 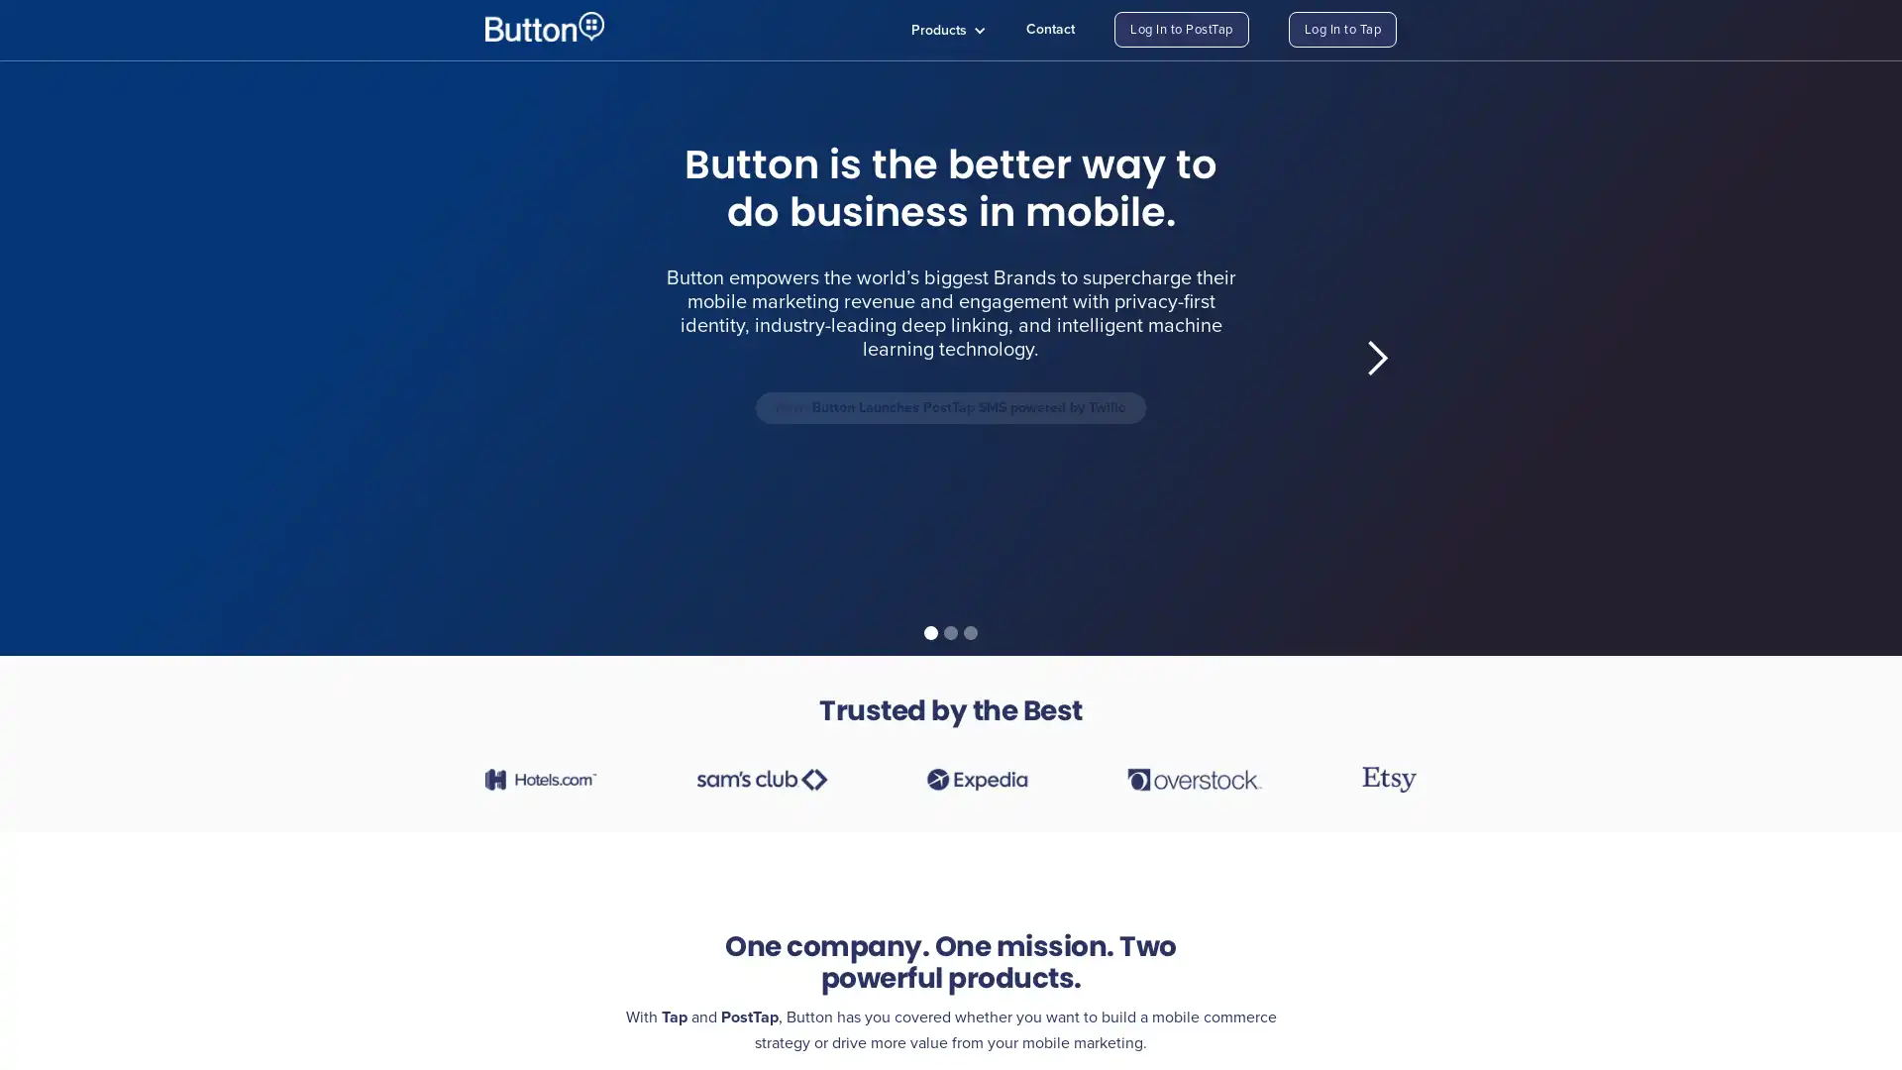 What do you see at coordinates (524, 359) in the screenshot?
I see `previous slide` at bounding box center [524, 359].